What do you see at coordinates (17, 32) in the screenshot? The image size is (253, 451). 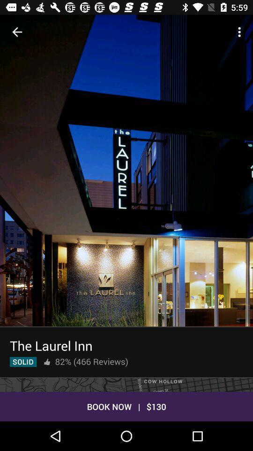 I see `the item at the top left corner` at bounding box center [17, 32].